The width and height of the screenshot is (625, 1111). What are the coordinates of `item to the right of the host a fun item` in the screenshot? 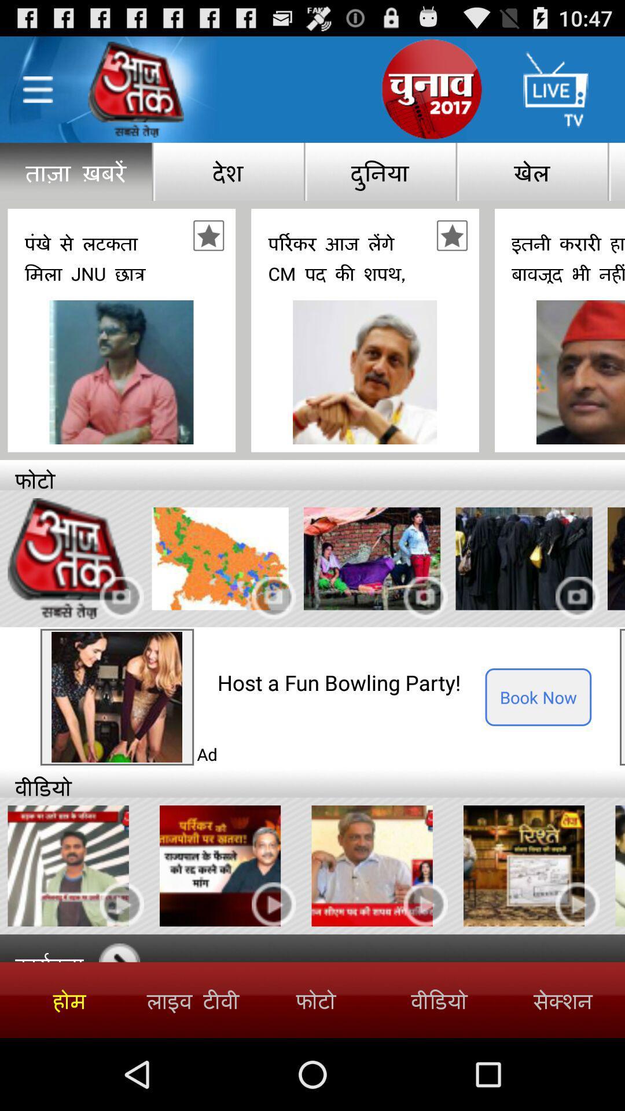 It's located at (538, 696).